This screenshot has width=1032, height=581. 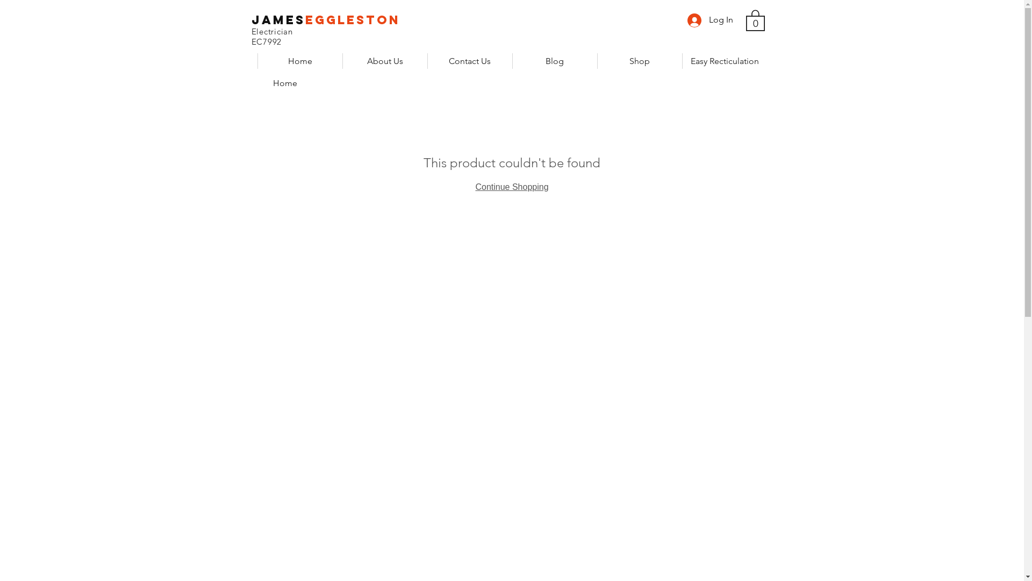 What do you see at coordinates (755, 20) in the screenshot?
I see `'0'` at bounding box center [755, 20].